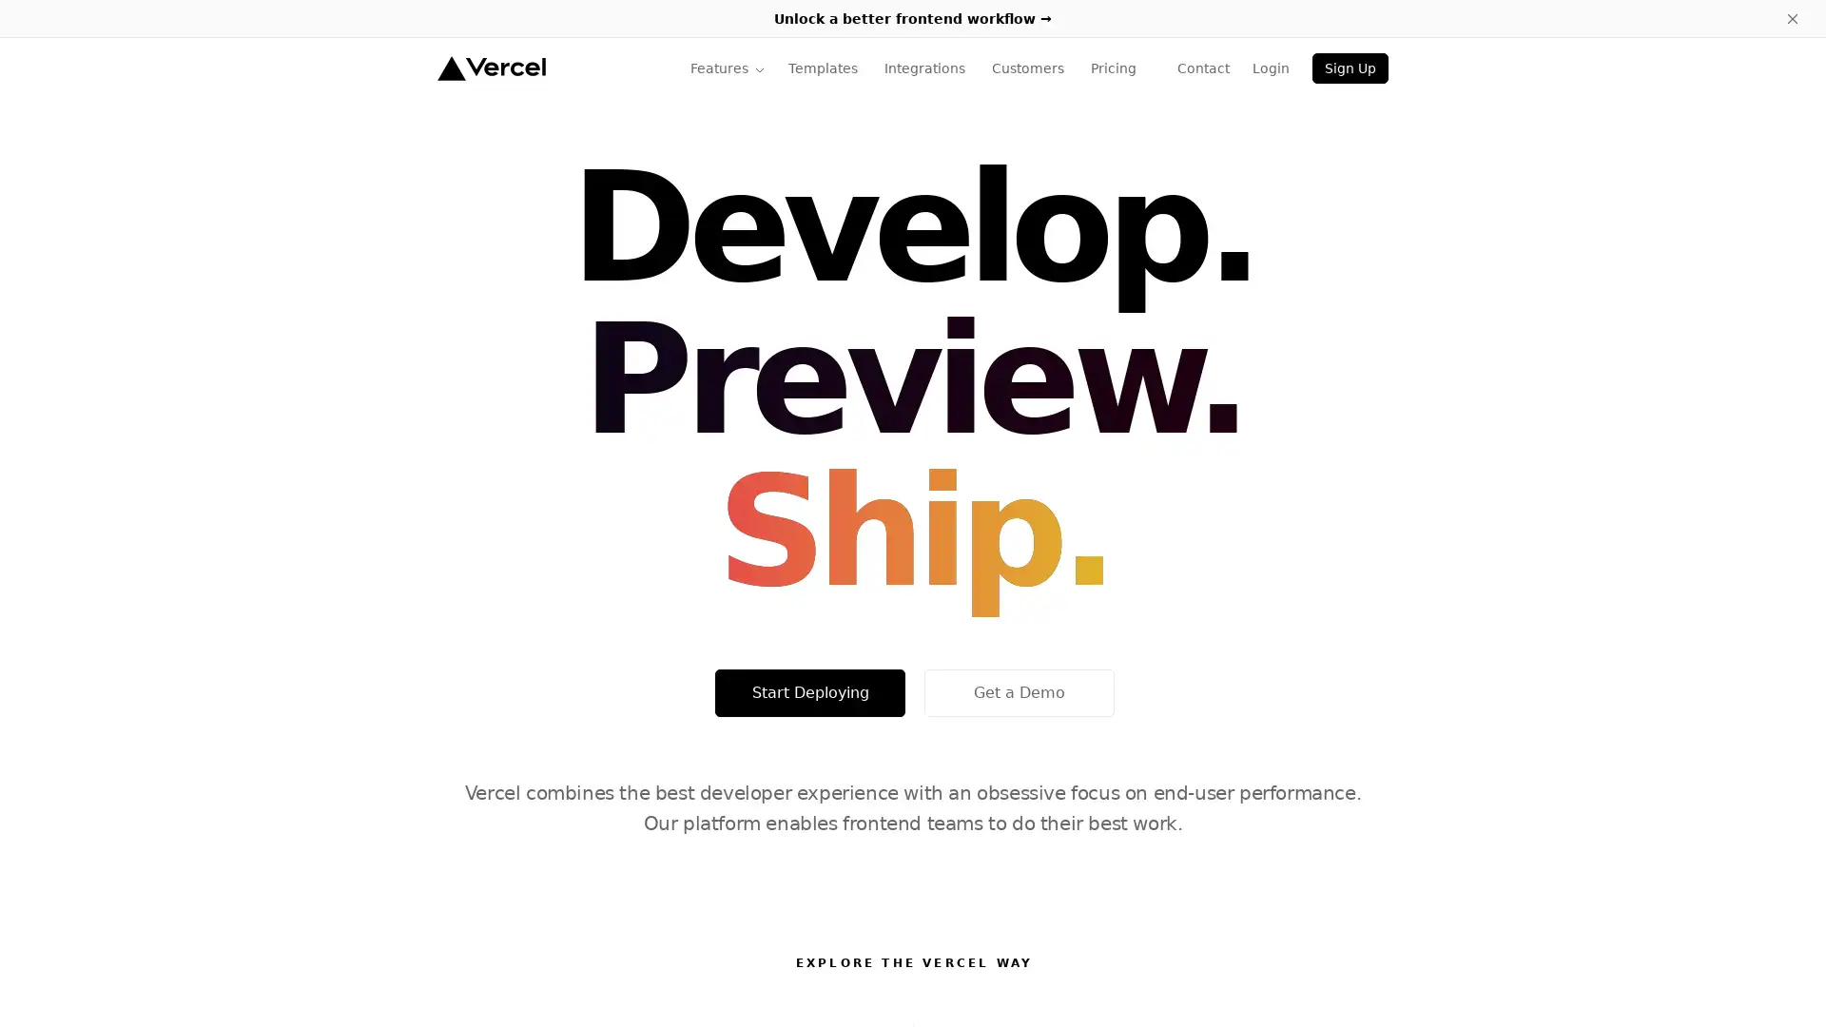  What do you see at coordinates (727, 68) in the screenshot?
I see `Features` at bounding box center [727, 68].